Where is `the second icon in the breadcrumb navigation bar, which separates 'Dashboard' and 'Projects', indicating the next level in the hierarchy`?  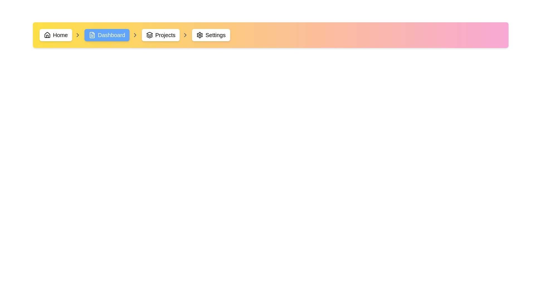 the second icon in the breadcrumb navigation bar, which separates 'Dashboard' and 'Projects', indicating the next level in the hierarchy is located at coordinates (135, 35).